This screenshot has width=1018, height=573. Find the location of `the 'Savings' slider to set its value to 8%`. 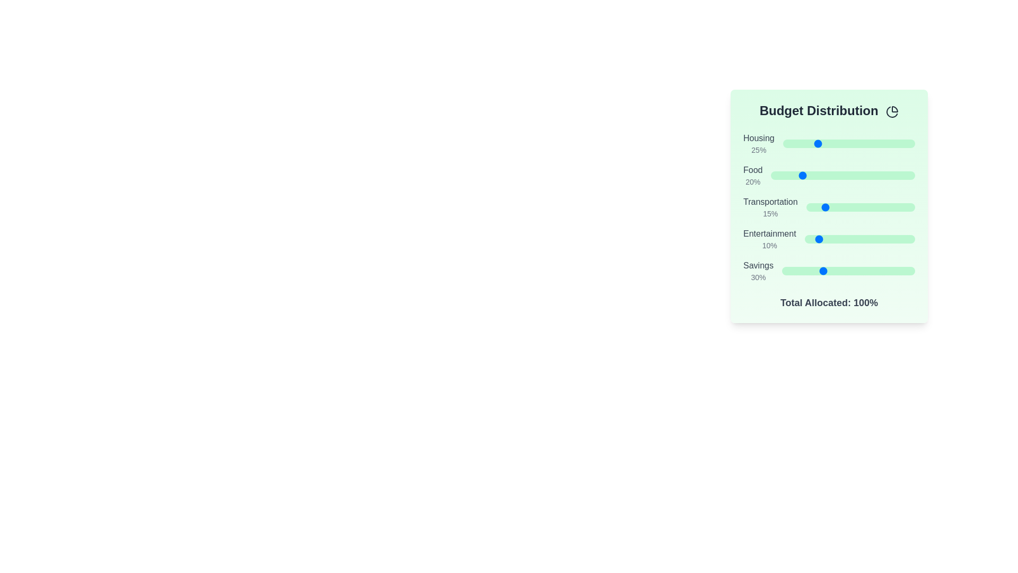

the 'Savings' slider to set its value to 8% is located at coordinates (793, 270).